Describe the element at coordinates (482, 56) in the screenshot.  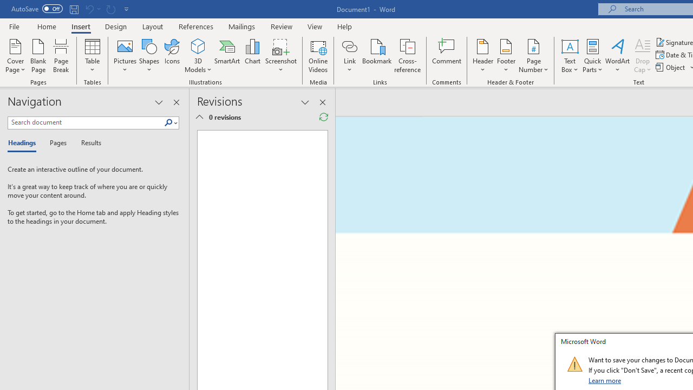
I see `'Header'` at that location.